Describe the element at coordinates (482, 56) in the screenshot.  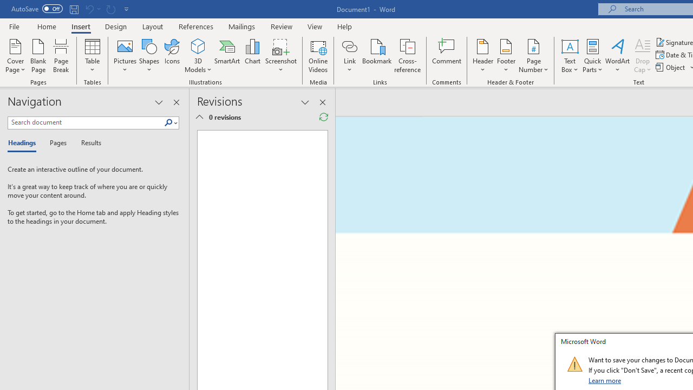
I see `'Header'` at that location.